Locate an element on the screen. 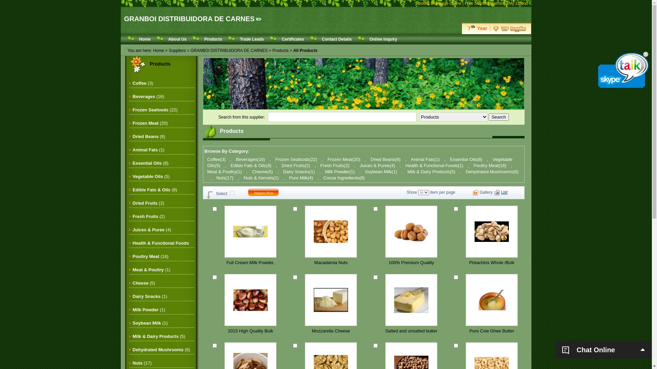  'Home' is located at coordinates (144, 39).